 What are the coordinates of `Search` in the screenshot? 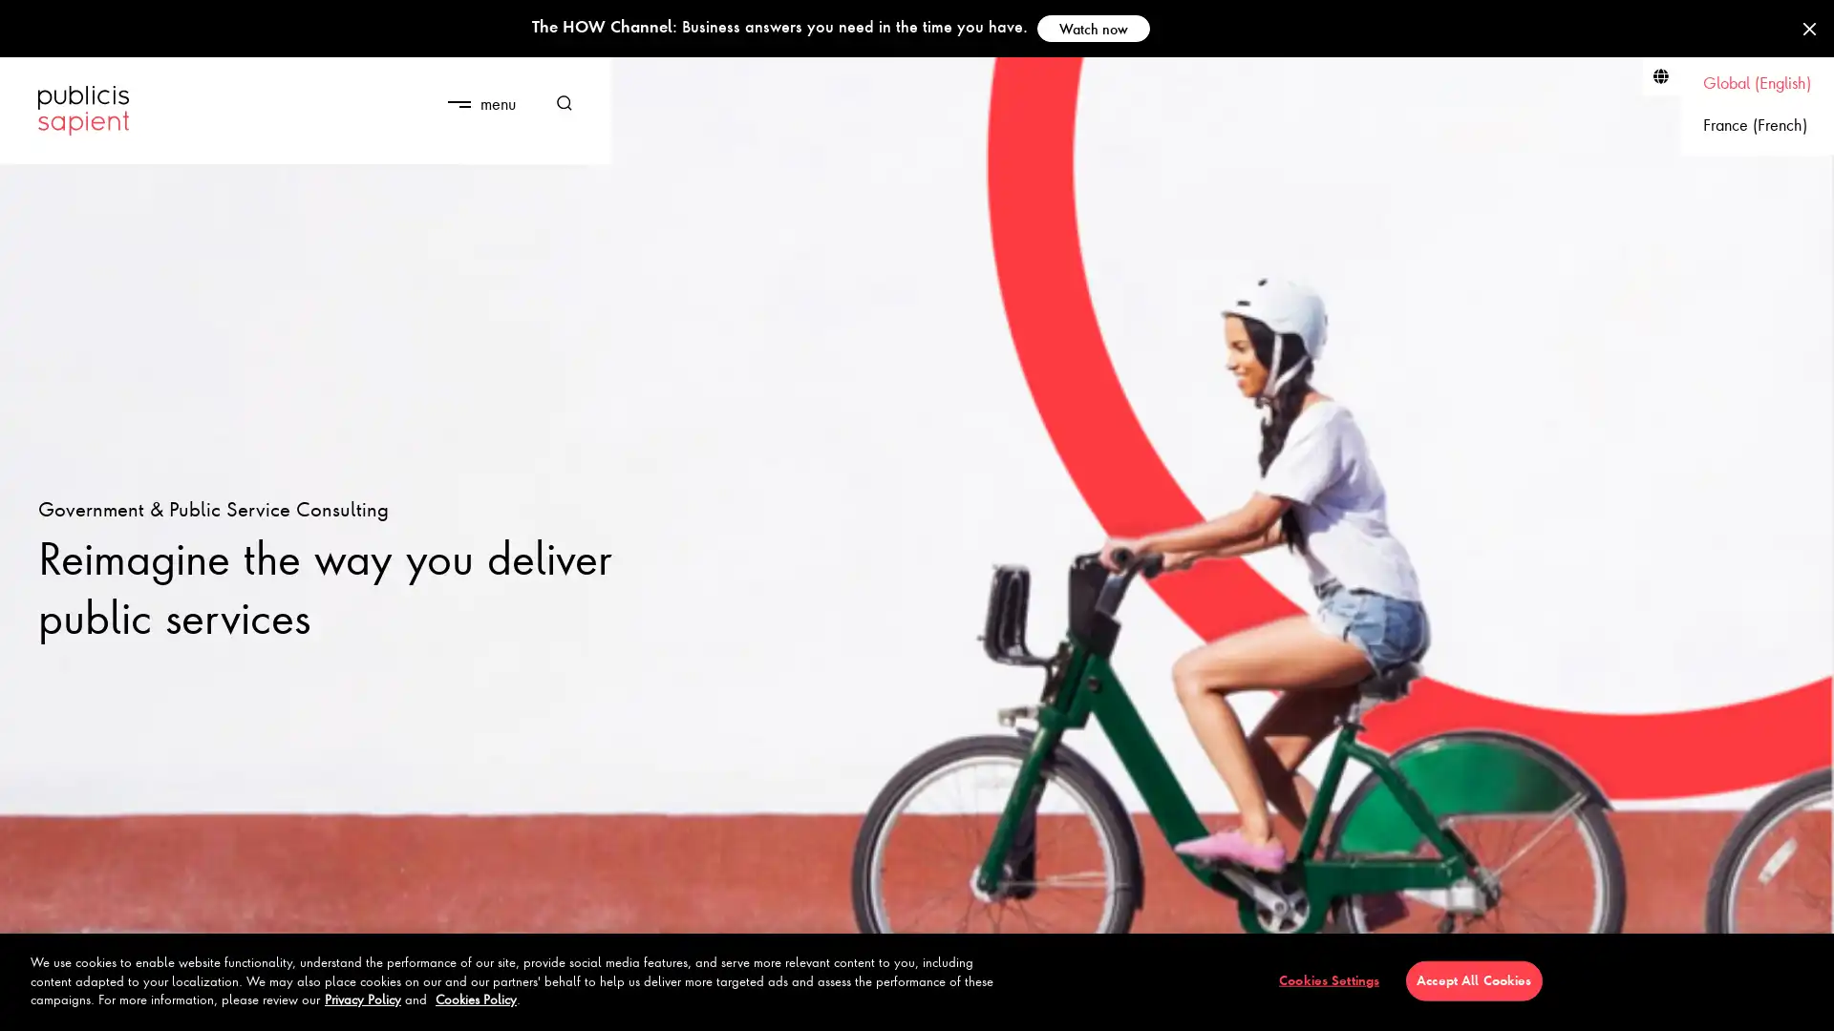 It's located at (557, 103).